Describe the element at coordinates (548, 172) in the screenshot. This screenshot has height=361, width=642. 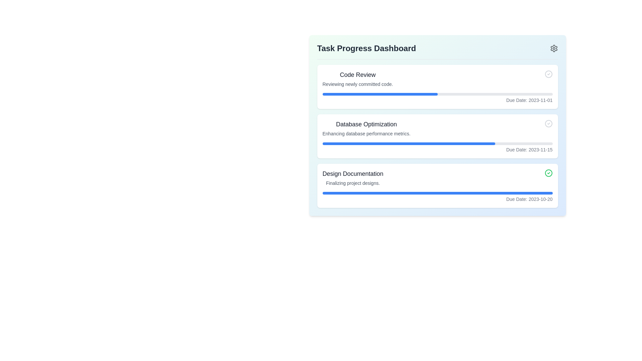
I see `circular check icon component indicating a completed task for the 'Design Documentation' row, located to the right of the row contents` at that location.